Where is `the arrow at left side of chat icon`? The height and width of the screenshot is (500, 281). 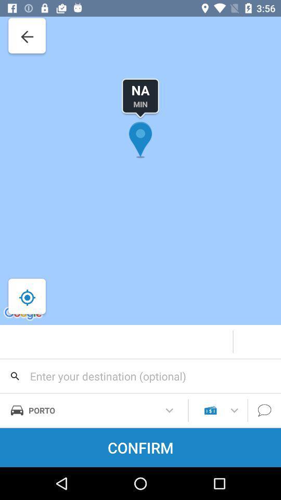 the arrow at left side of chat icon is located at coordinates (234, 410).